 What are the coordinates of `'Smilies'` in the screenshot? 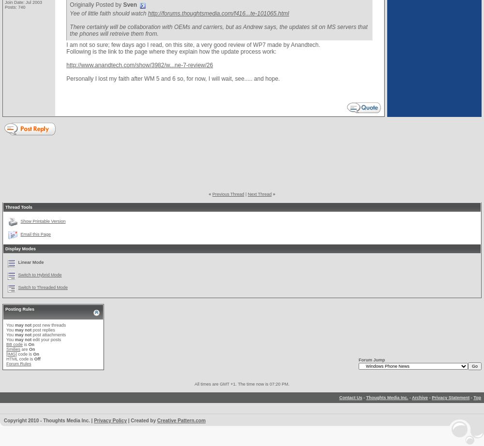 It's located at (13, 348).